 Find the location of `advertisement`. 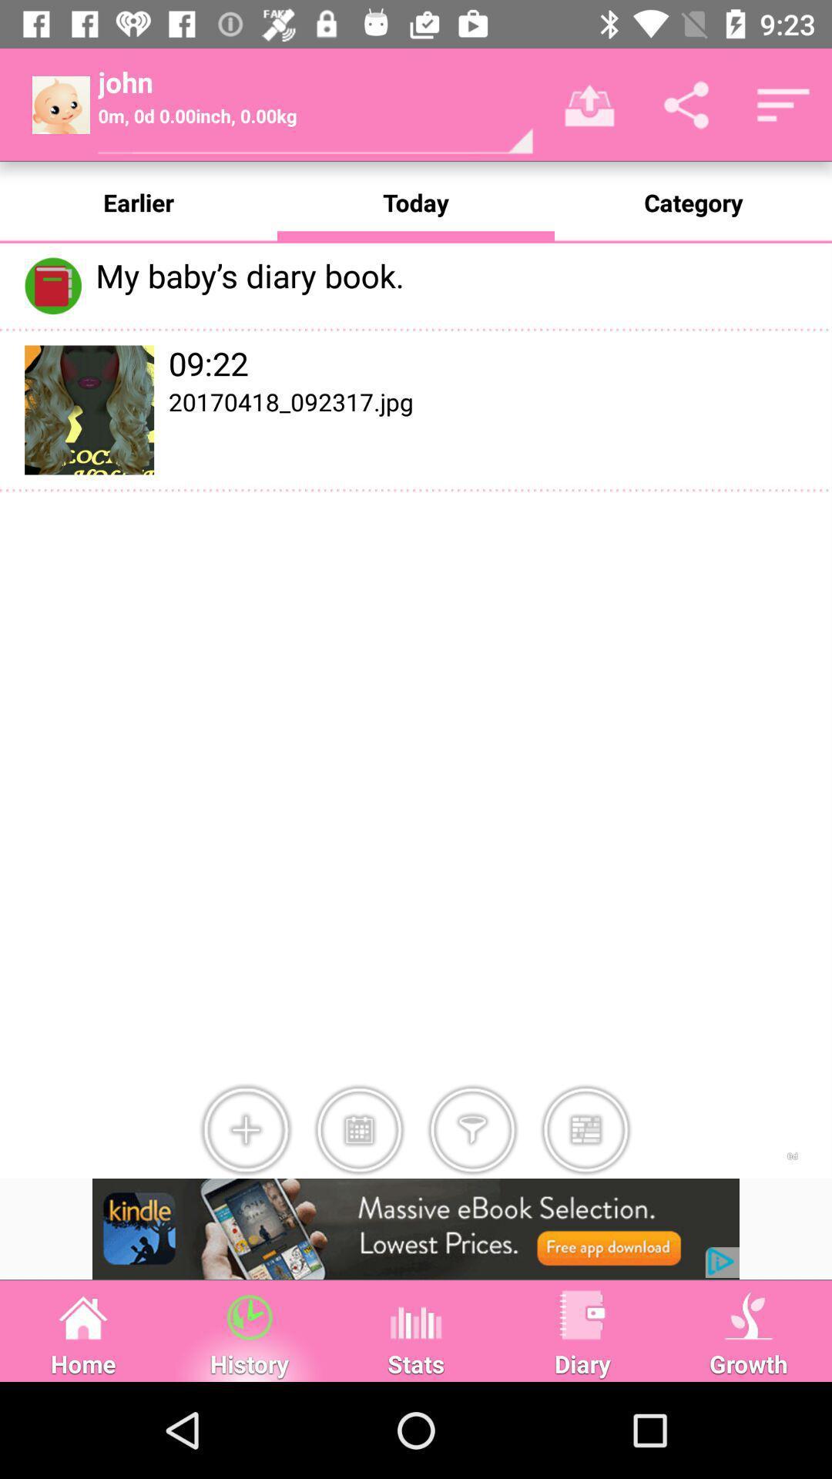

advertisement is located at coordinates (416, 1228).